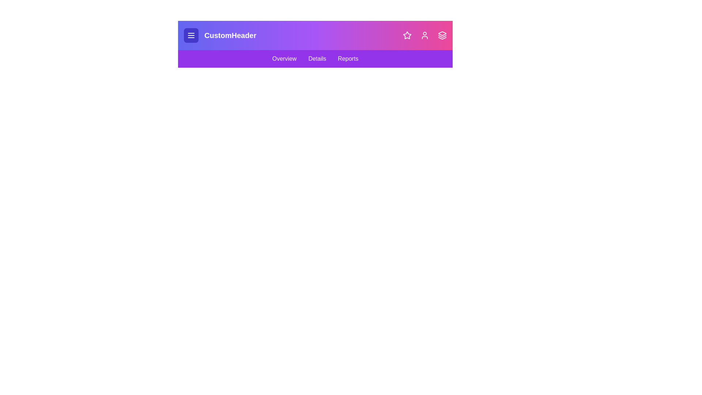 This screenshot has height=395, width=702. Describe the element at coordinates (191, 35) in the screenshot. I see `the menu button to toggle the menu visibility` at that location.